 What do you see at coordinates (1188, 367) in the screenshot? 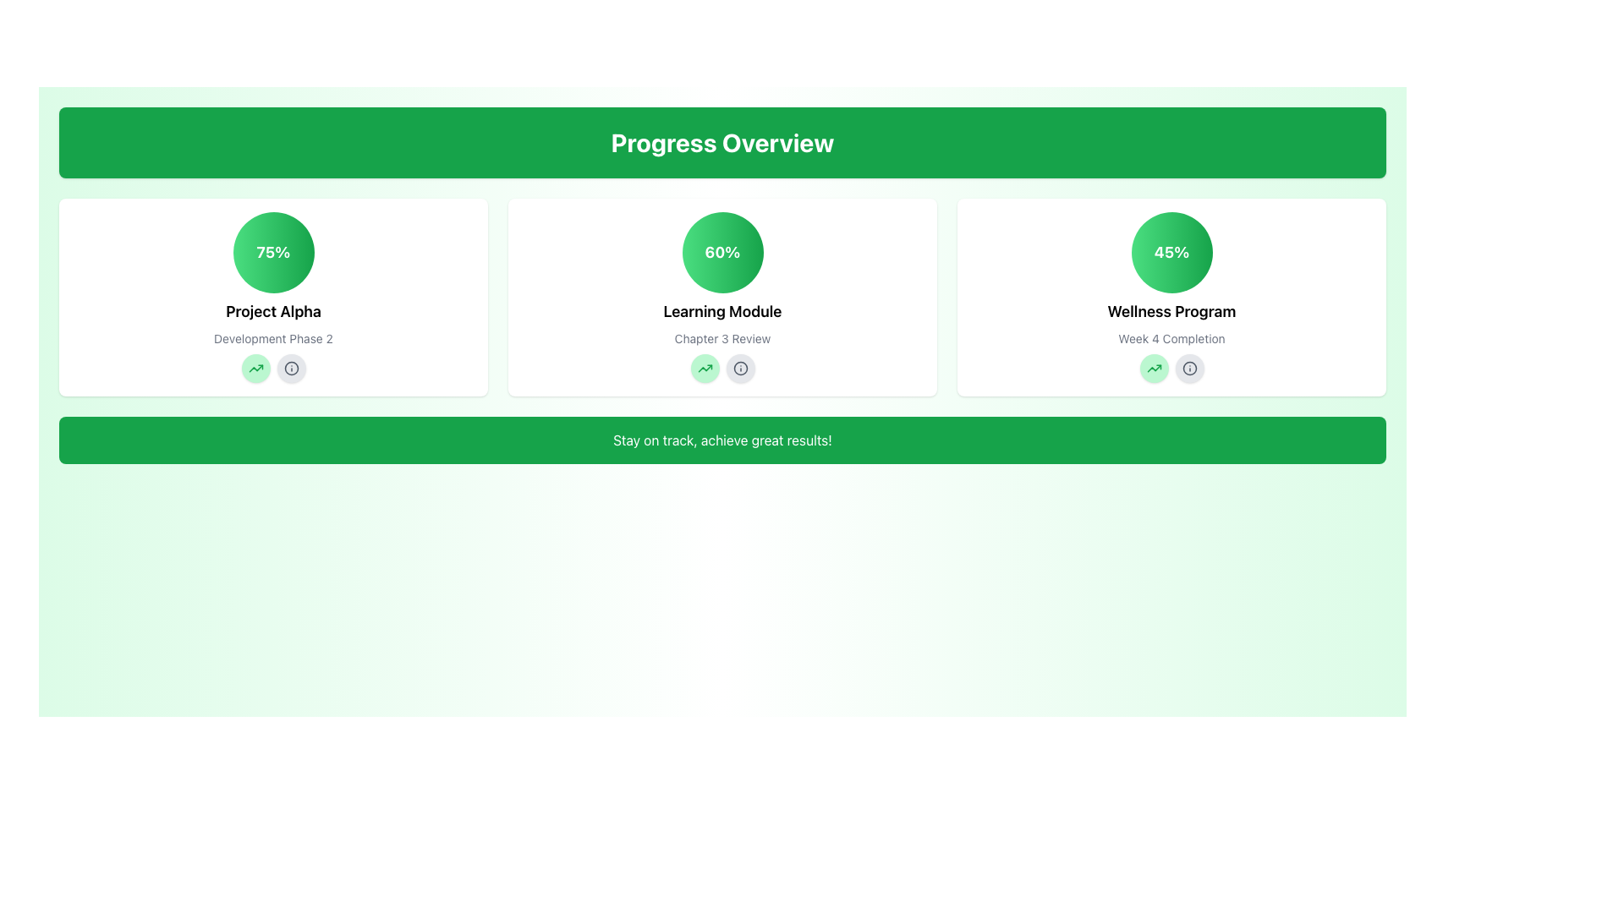
I see `the circular info icon with a gray outline and background, located` at bounding box center [1188, 367].